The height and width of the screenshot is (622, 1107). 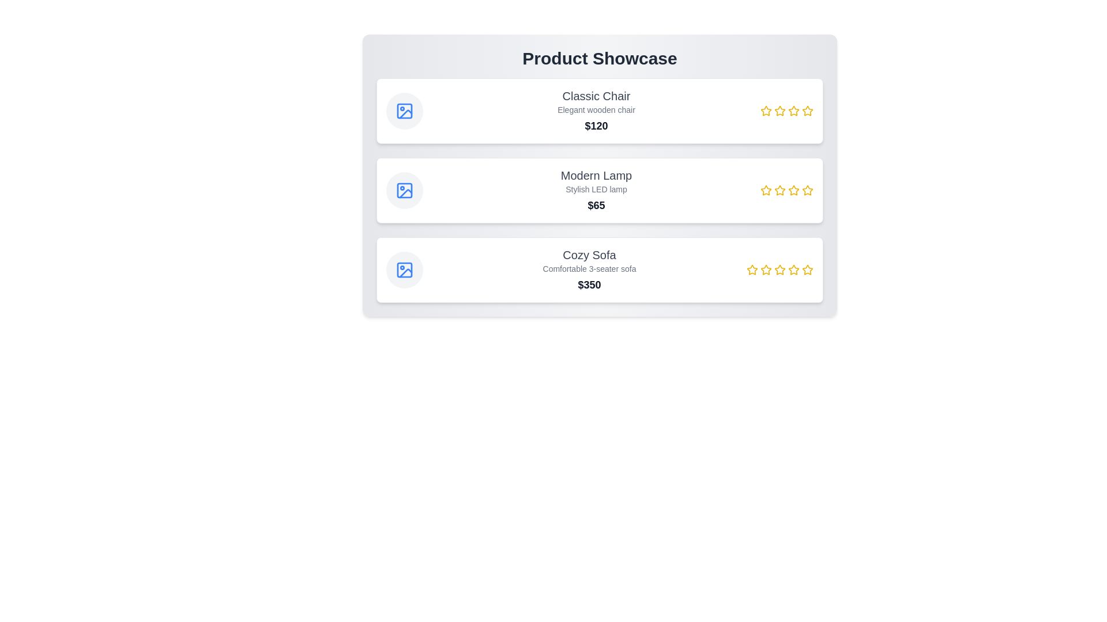 What do you see at coordinates (780, 111) in the screenshot?
I see `the rating for a product to 2 stars` at bounding box center [780, 111].